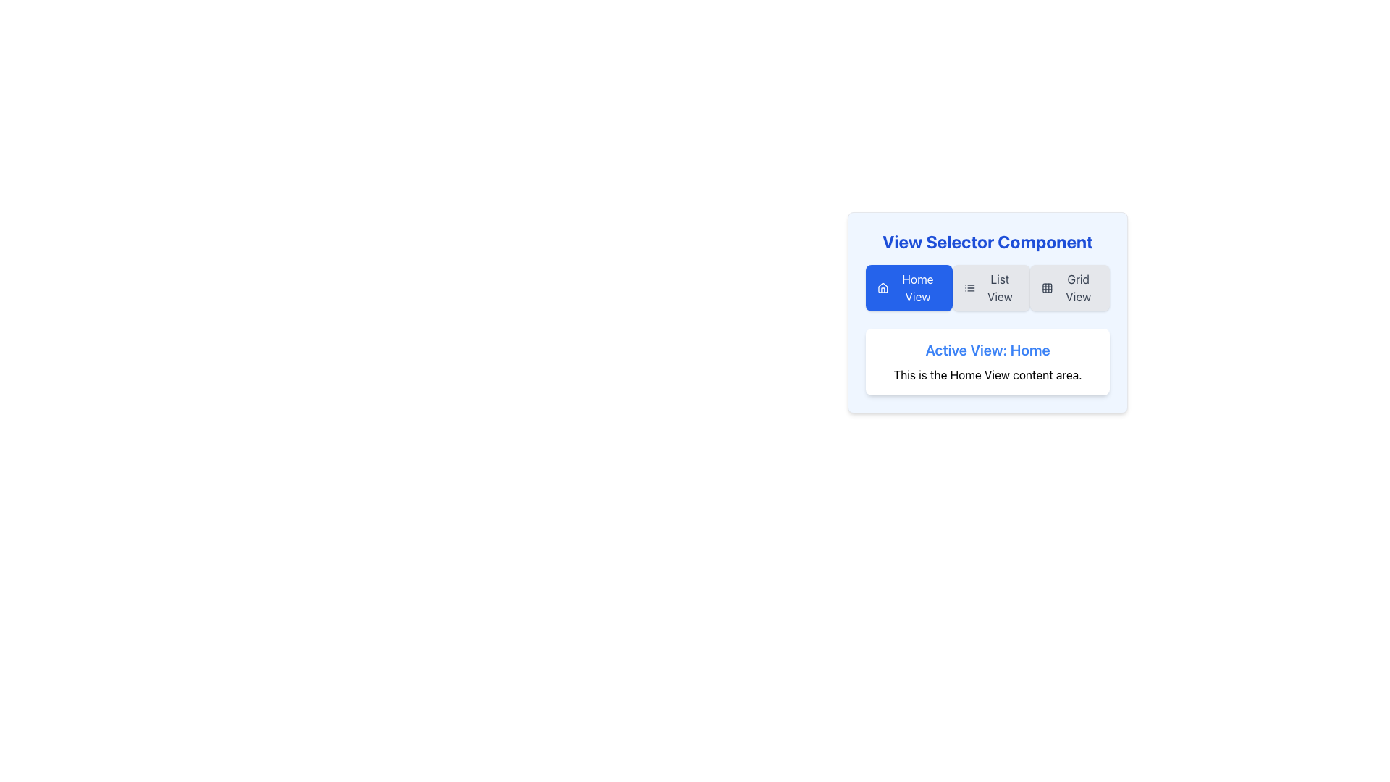 This screenshot has height=782, width=1390. Describe the element at coordinates (990, 287) in the screenshot. I see `the 'List View' button, which features a light gray background, dark gray text, and a list icon` at that location.